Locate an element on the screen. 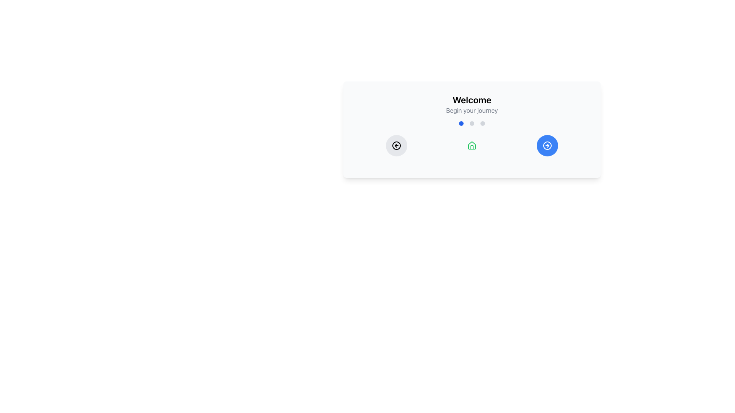  the rightmost button that navigates to the next step or page is located at coordinates (547, 146).